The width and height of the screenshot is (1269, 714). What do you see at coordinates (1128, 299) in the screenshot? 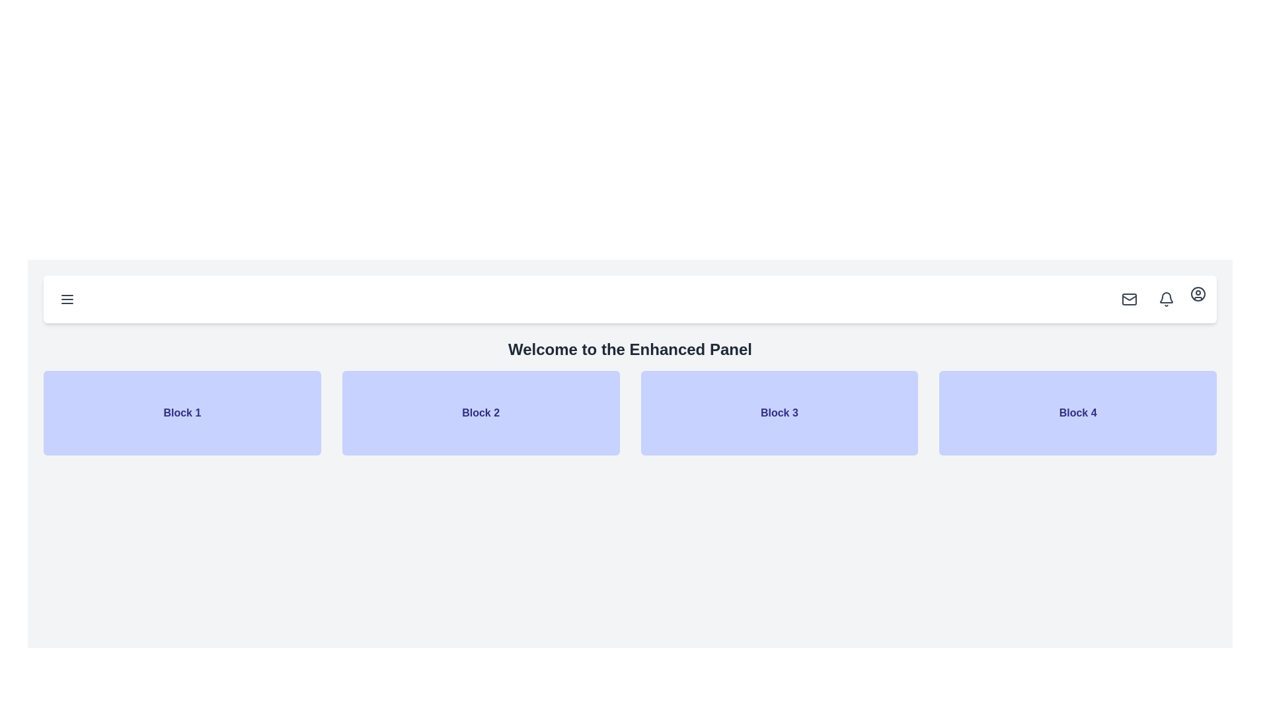
I see `the red envelope icon representing the mail function in the top-right corner of the interface` at bounding box center [1128, 299].